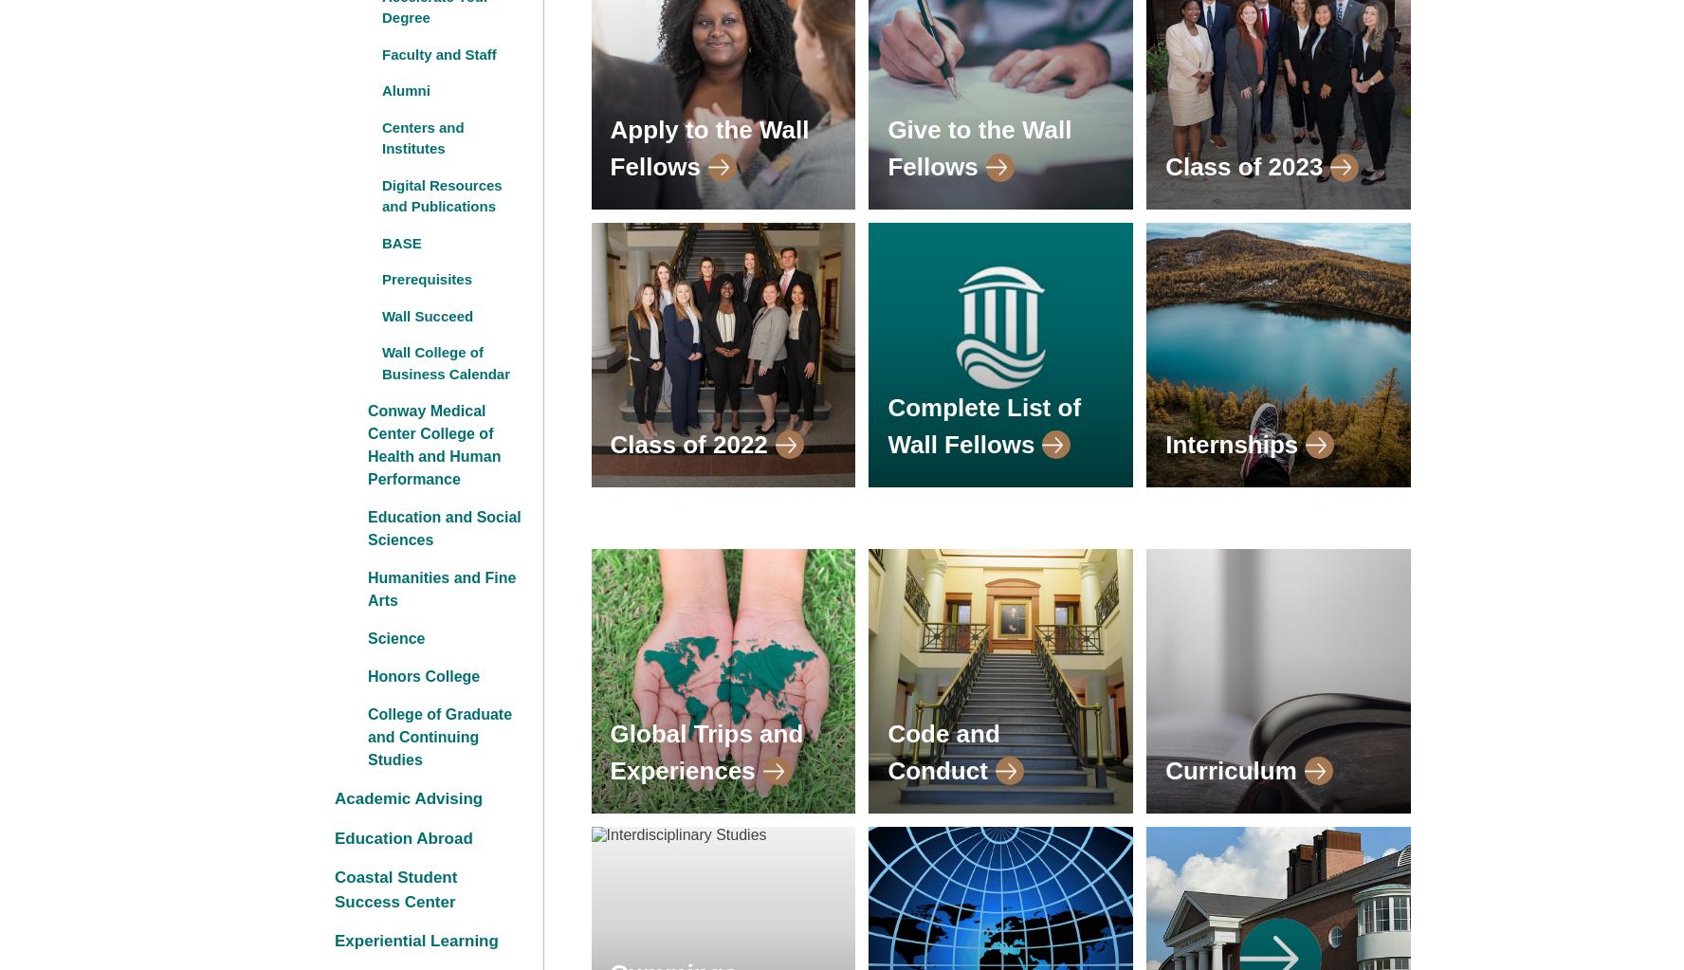 This screenshot has height=970, width=1684. What do you see at coordinates (739, 443) in the screenshot?
I see `'2022'` at bounding box center [739, 443].